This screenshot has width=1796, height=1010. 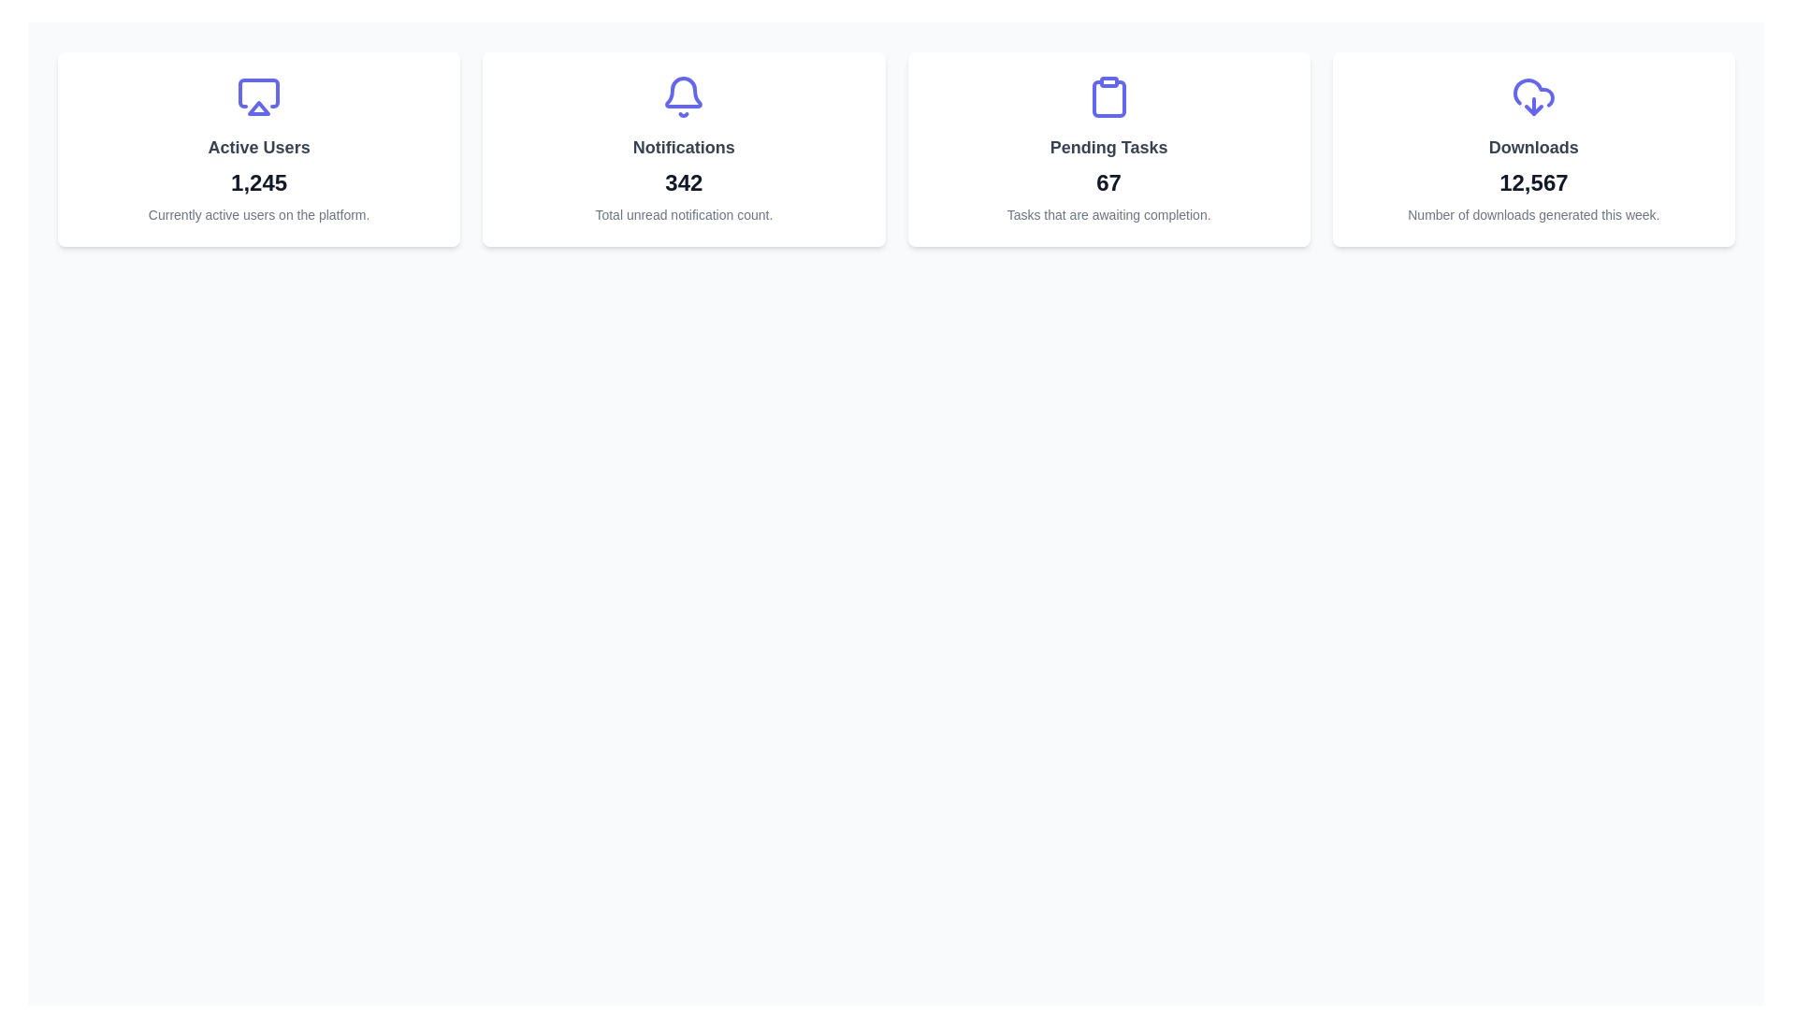 I want to click on the small rectangle inside the clipboard icon in the 'Pending Tasks' section, which simulates a metal clip at the top of the clipboard's outline, so click(x=1108, y=81).